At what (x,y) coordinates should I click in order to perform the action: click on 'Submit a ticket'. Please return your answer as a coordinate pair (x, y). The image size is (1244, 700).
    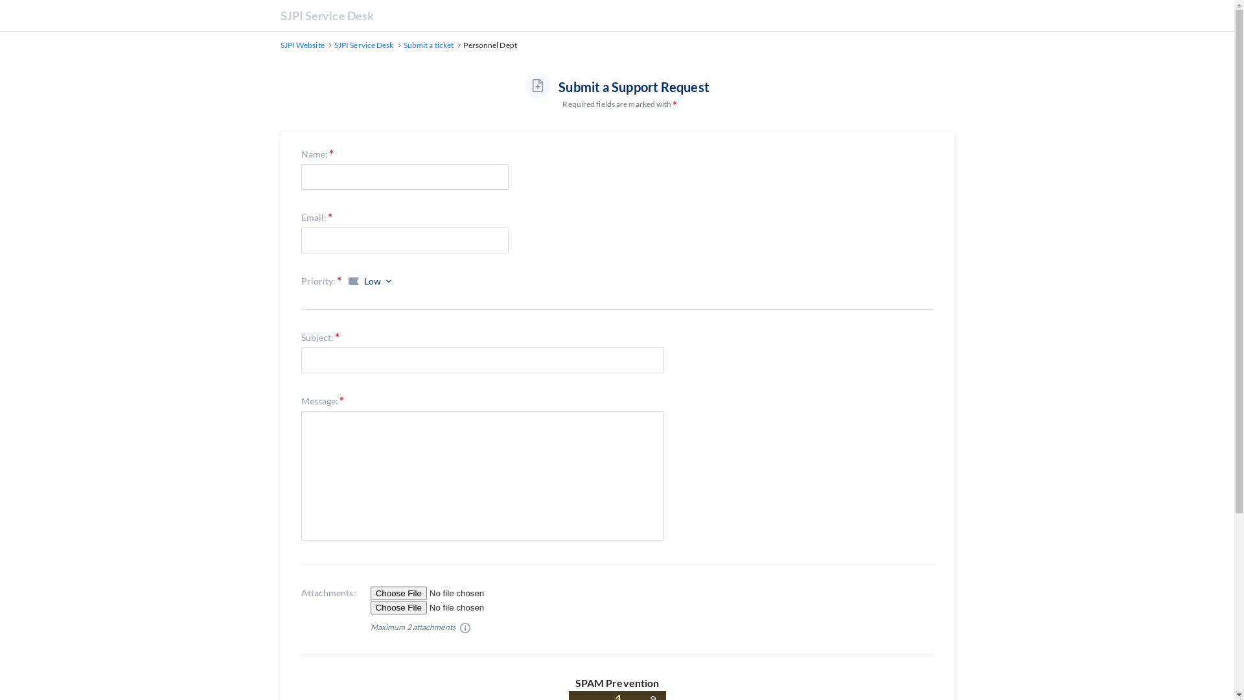
    Looking at the image, I should click on (403, 44).